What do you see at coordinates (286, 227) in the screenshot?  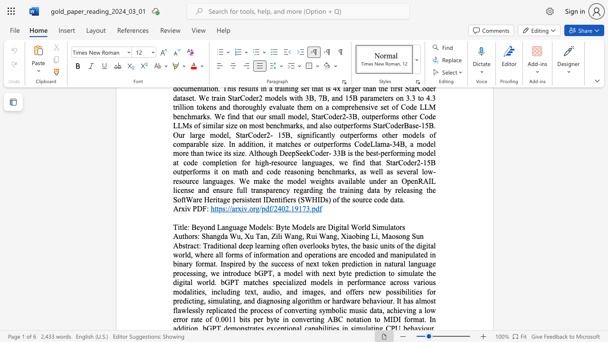 I see `the subset text "e Models are Dig" within the text "Beyond Language Models: Byte Models are Digital World Simulators"` at bounding box center [286, 227].